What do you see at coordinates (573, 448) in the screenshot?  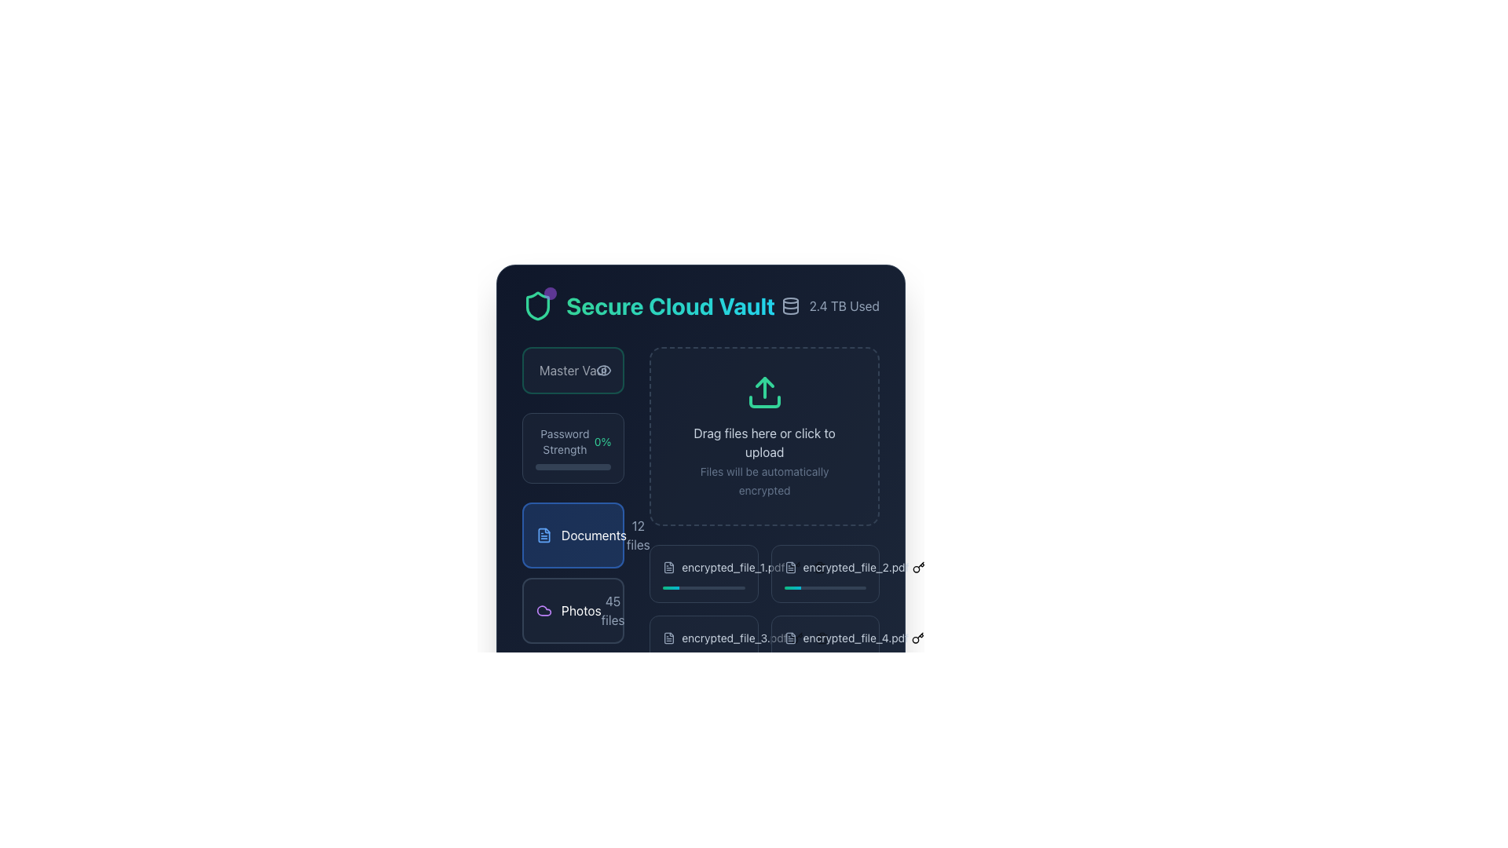 I see `text content of the Progress Indicator that displays the strength of a password as a percentage, located above the 'Documents' section` at bounding box center [573, 448].